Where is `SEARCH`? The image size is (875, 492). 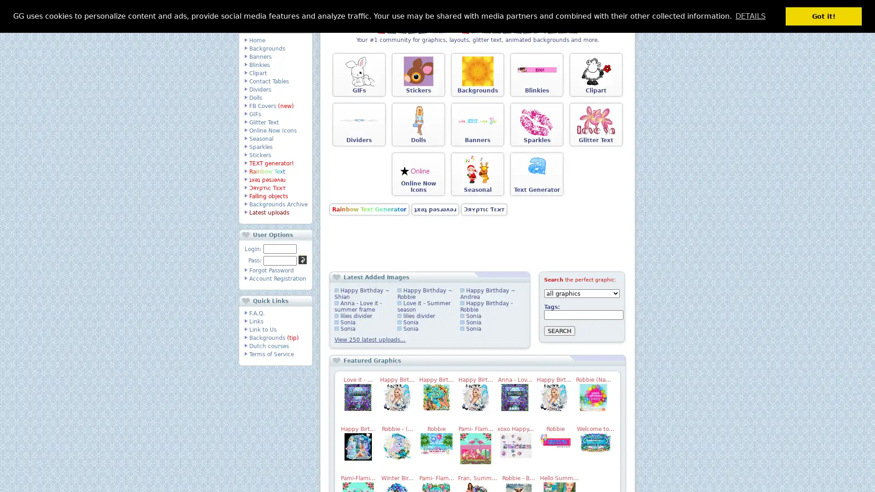 SEARCH is located at coordinates (559, 331).